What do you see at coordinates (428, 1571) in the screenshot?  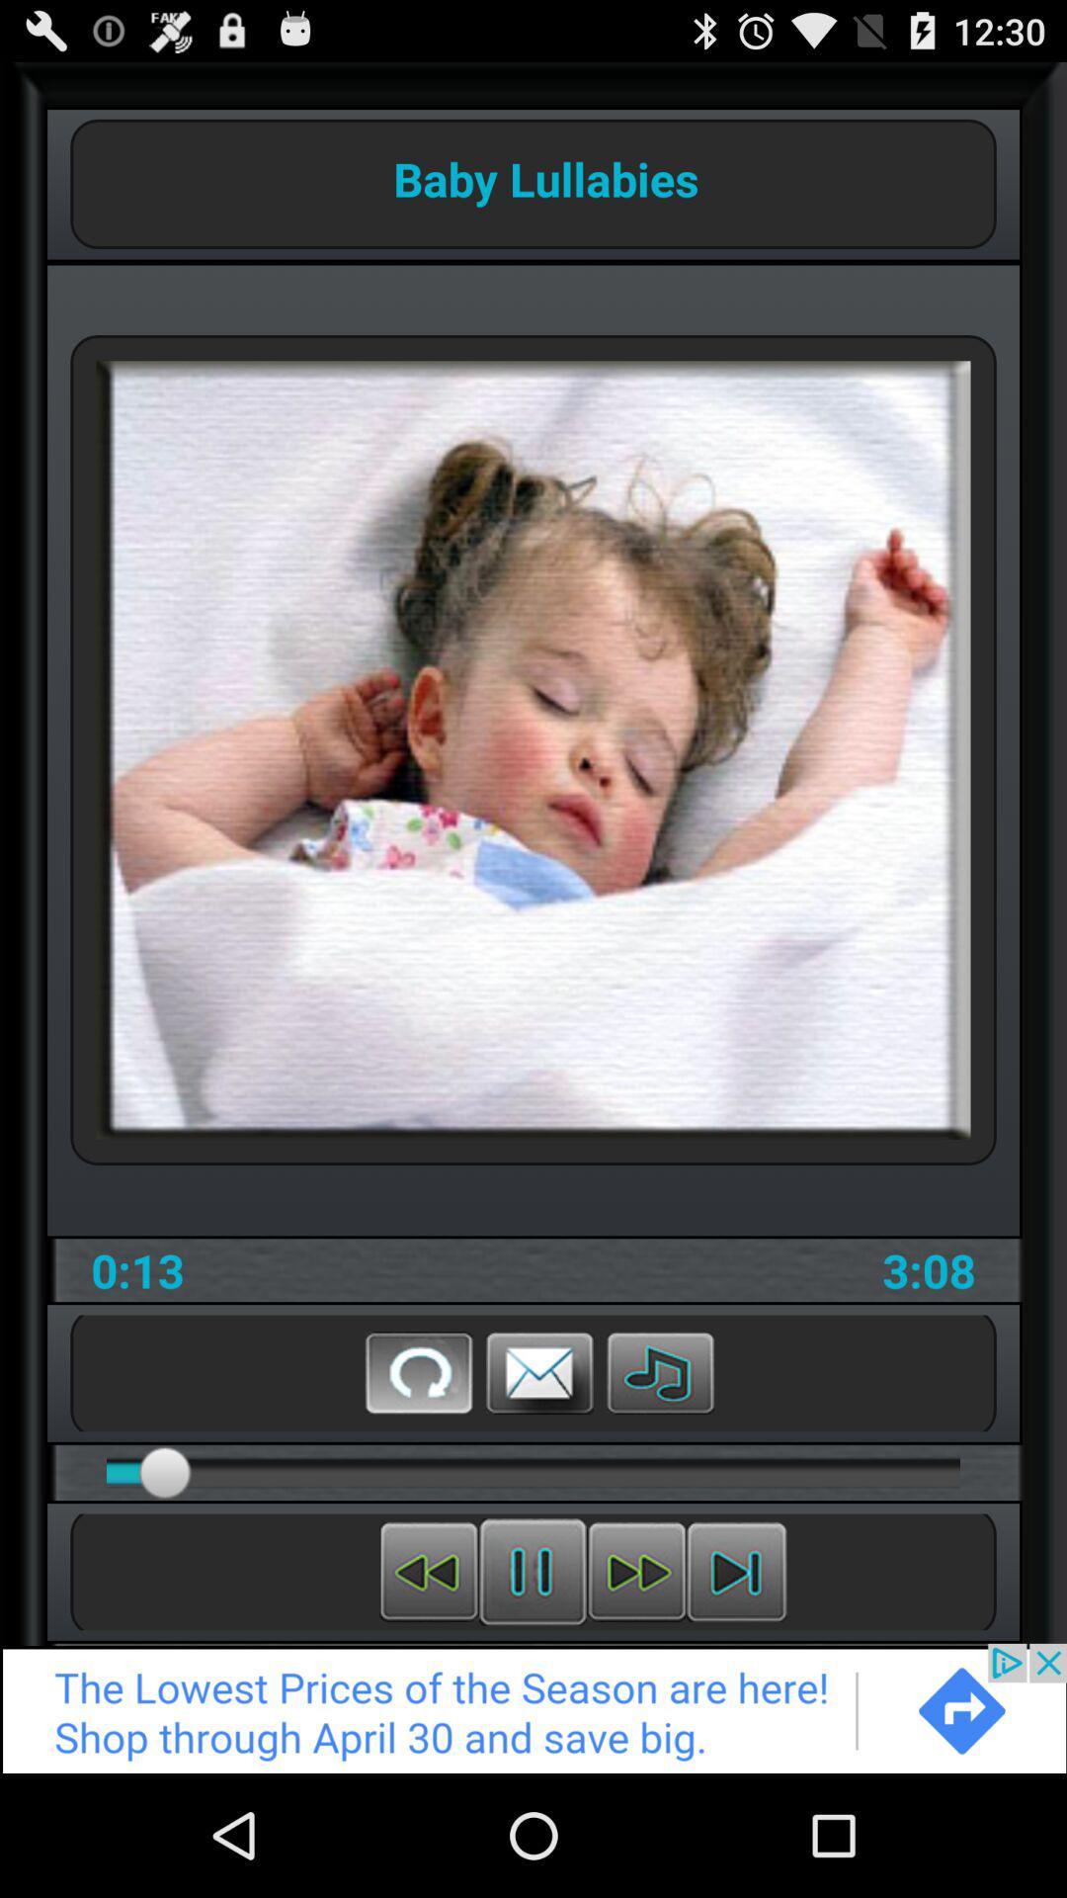 I see `previous option` at bounding box center [428, 1571].